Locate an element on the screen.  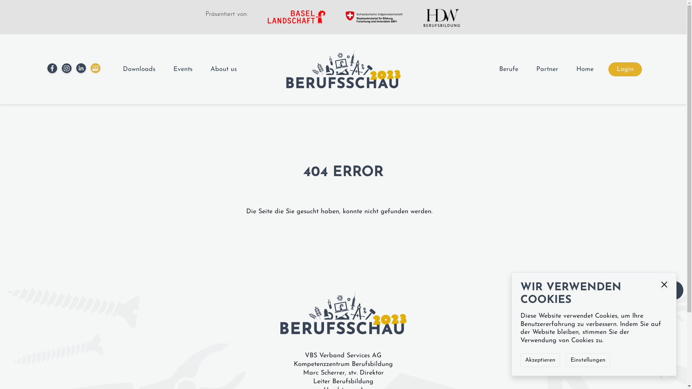
'Berufe' is located at coordinates (508, 69).